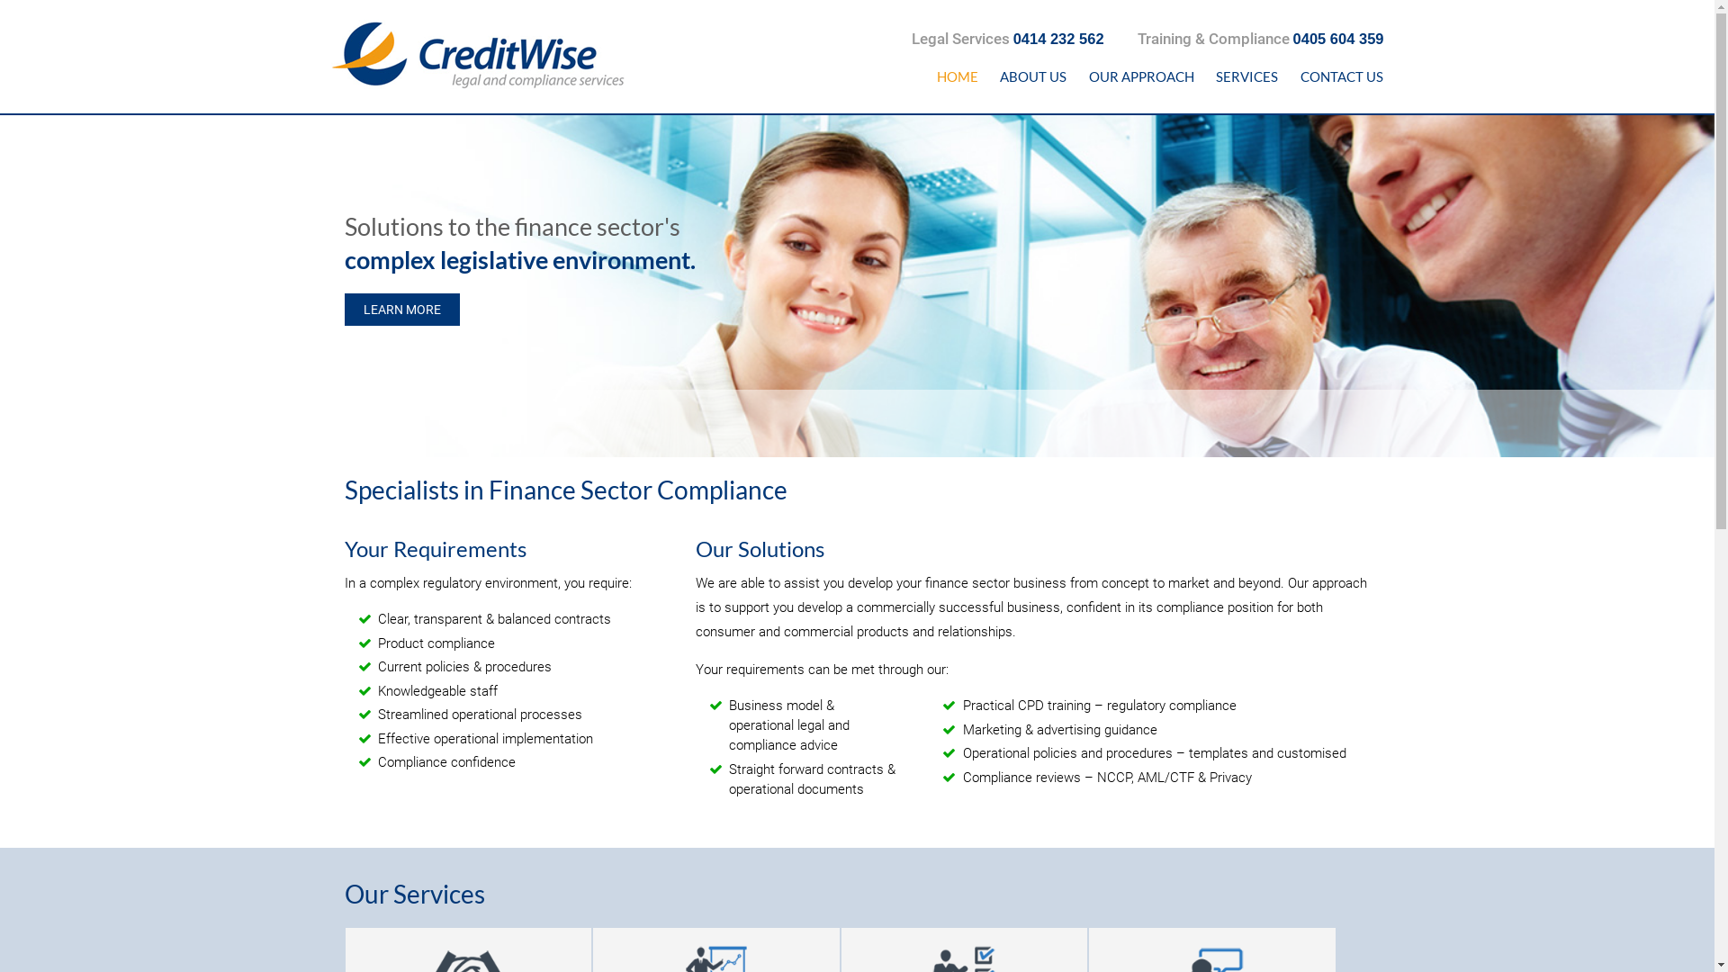  I want to click on '0414 232 562', so click(1013, 38).